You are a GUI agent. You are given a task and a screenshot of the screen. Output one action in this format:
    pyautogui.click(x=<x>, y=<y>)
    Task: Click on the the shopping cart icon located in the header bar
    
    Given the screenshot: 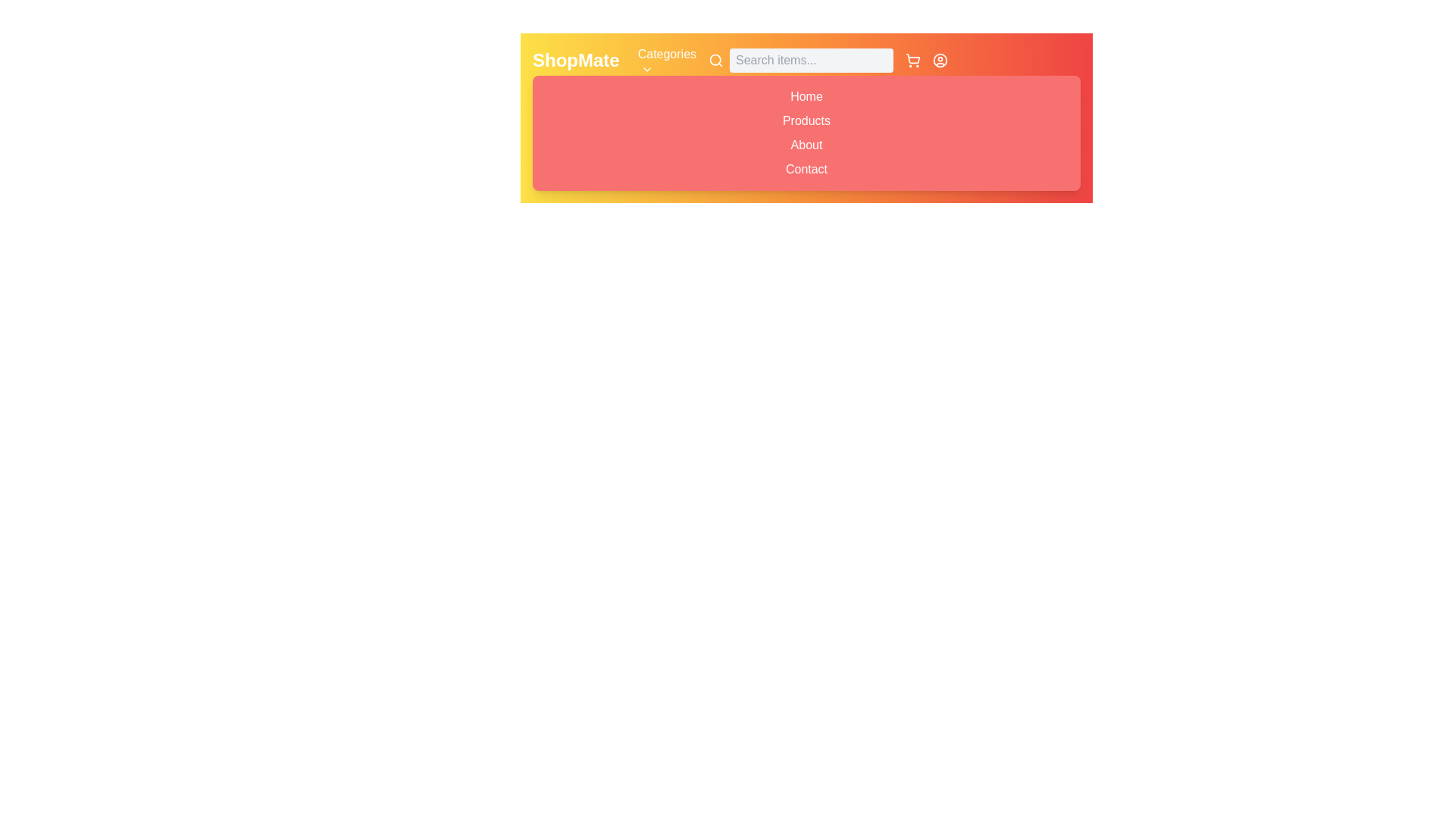 What is the action you would take?
    pyautogui.click(x=912, y=58)
    